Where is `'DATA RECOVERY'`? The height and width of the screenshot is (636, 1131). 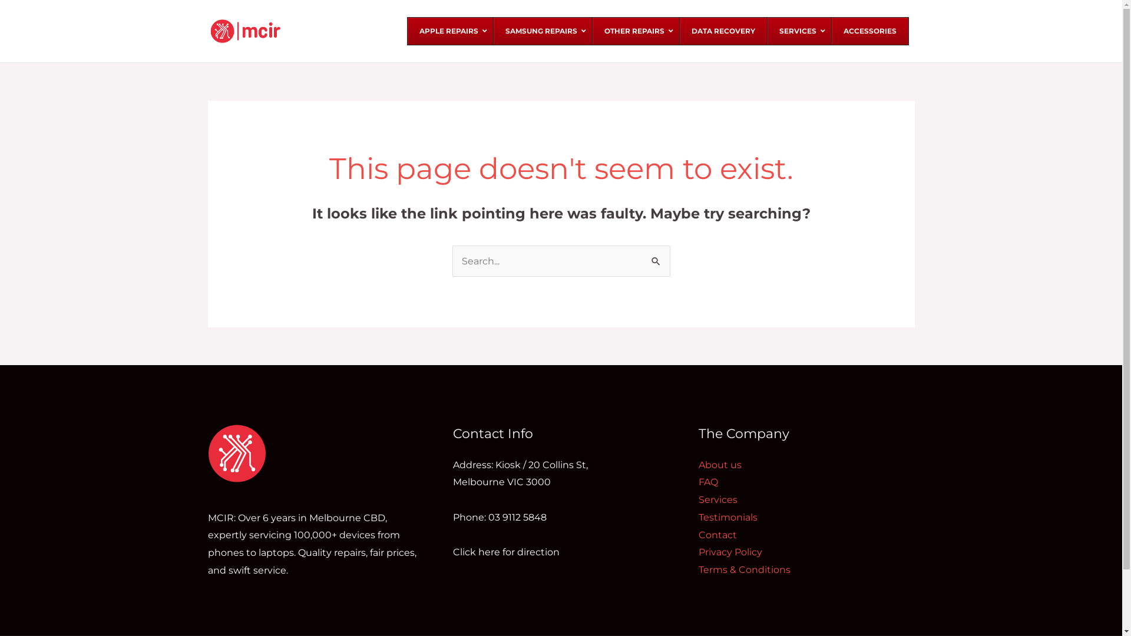
'DATA RECOVERY' is located at coordinates (679, 31).